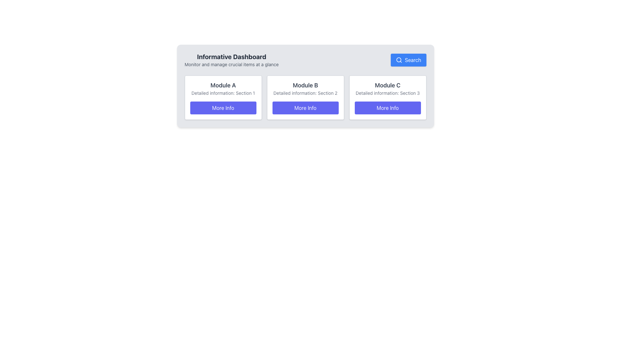 The image size is (617, 347). Describe the element at coordinates (387, 107) in the screenshot. I see `the button located at the bottom of the white card under 'Module C'` at that location.